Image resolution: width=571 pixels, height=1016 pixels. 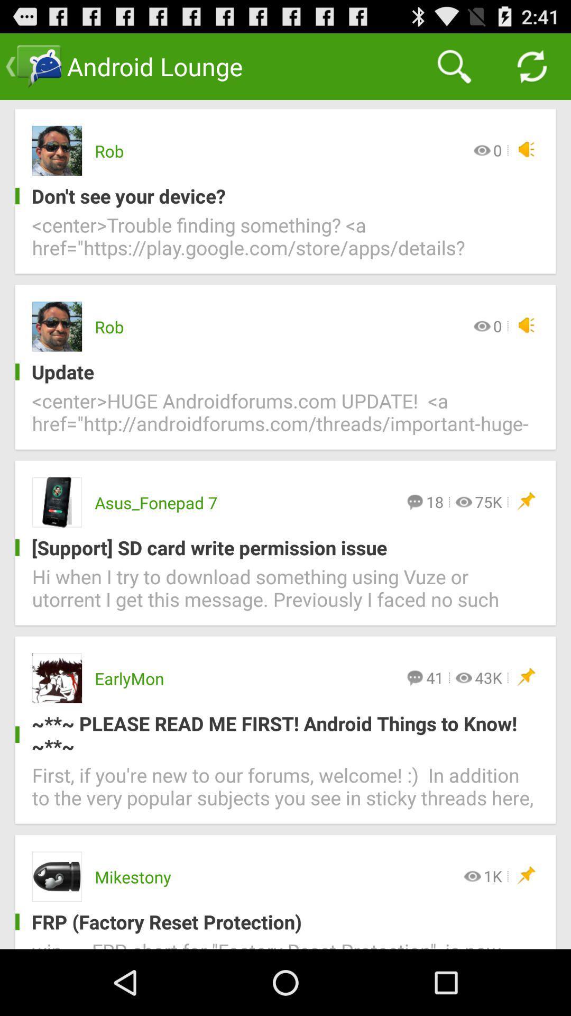 I want to click on the wip frp short, so click(x=285, y=944).